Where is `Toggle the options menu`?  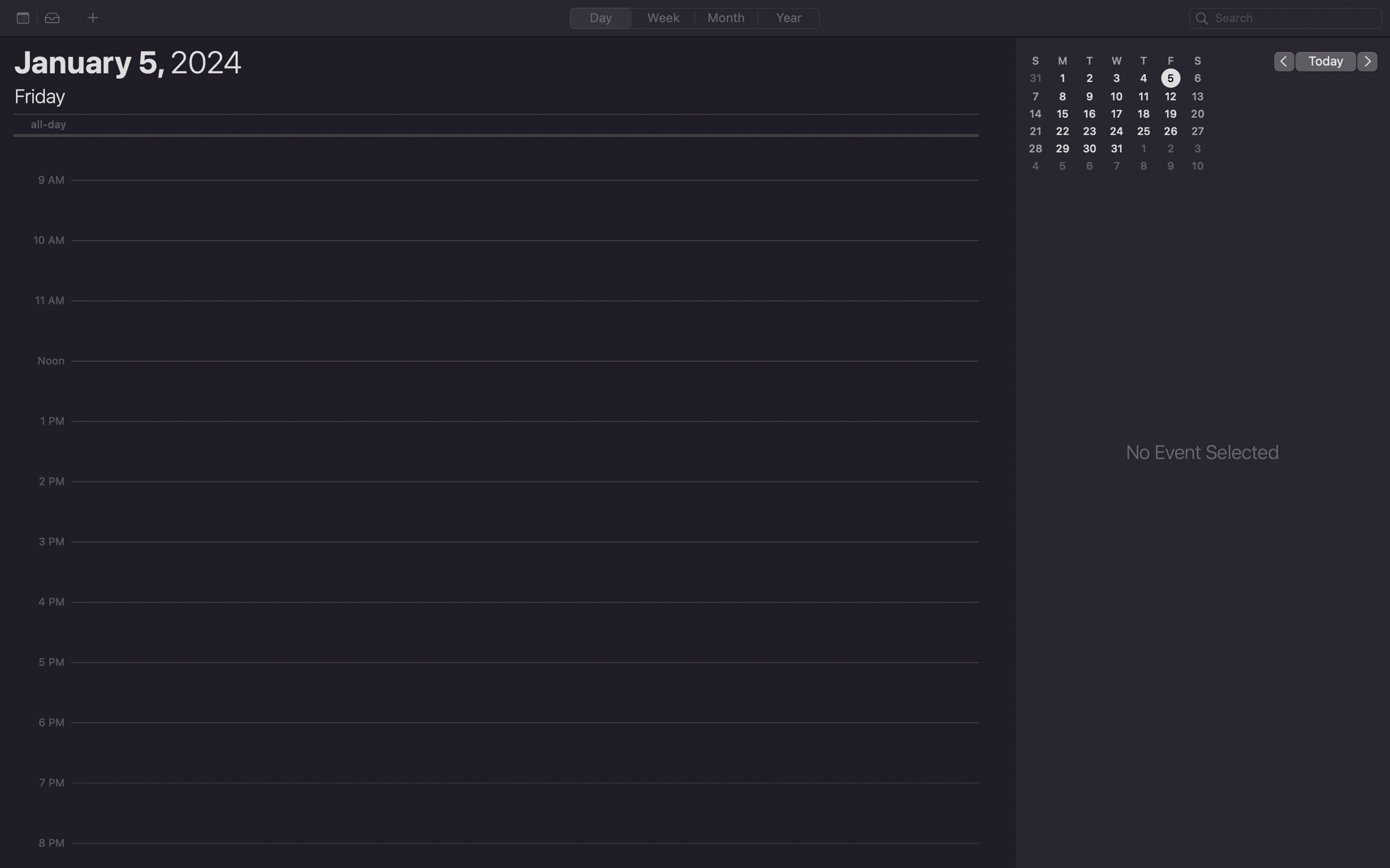
Toggle the options menu is located at coordinates (22, 17).